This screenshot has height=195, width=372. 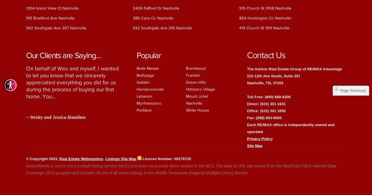 What do you see at coordinates (353, 90) in the screenshot?
I see `'Page Summary'` at bounding box center [353, 90].